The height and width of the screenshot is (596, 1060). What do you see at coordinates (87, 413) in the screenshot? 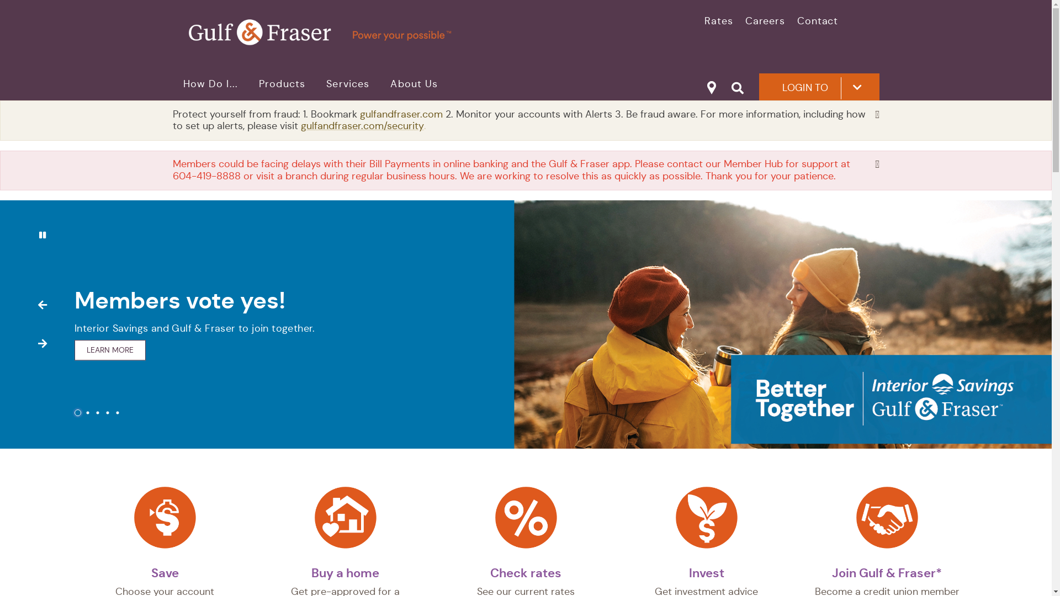
I see `'2'` at bounding box center [87, 413].